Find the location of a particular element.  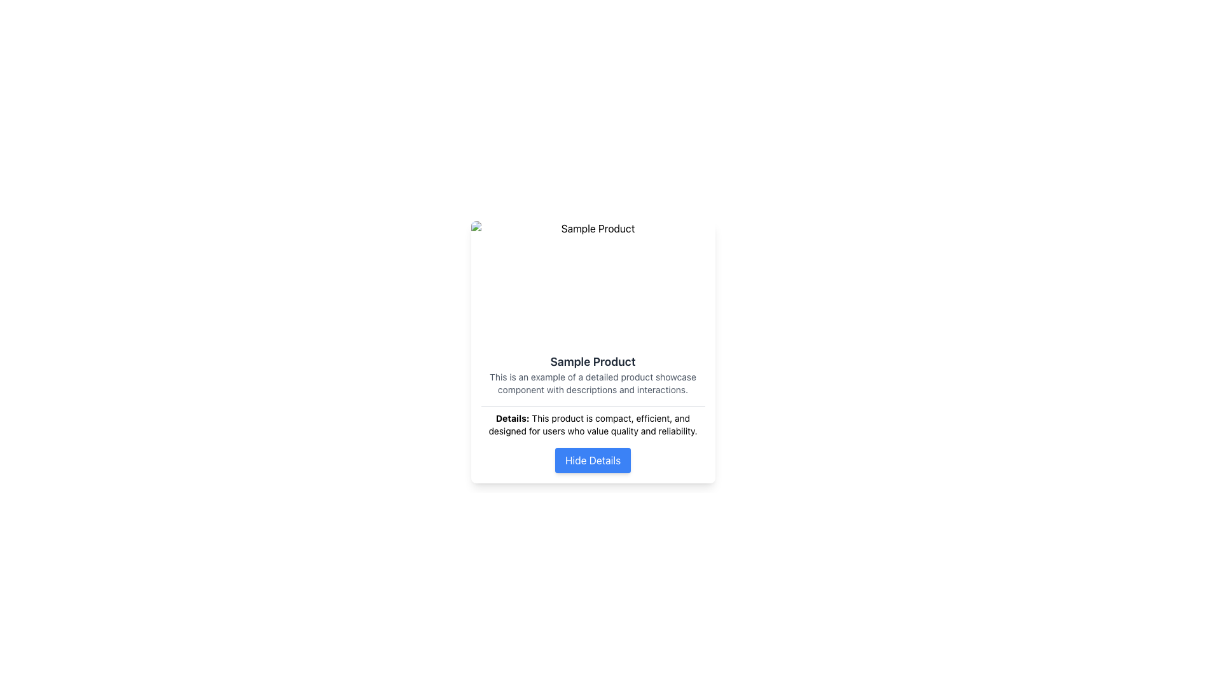

the bold text label reading 'Details:' which is positioned at the start of a descriptive paragraph in the lower half of the interface is located at coordinates (513, 418).